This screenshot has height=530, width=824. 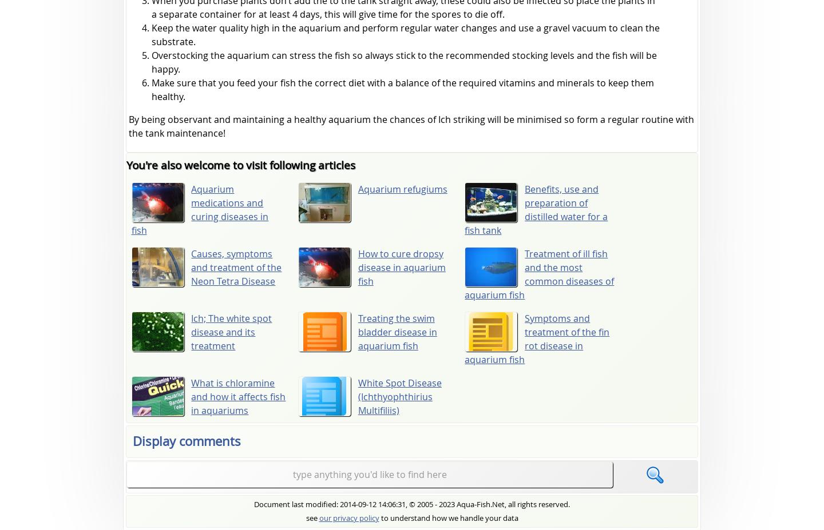 I want to click on 'Overstocking the aquarium can stress the fish so always stick to the recommended stocking levels and the fish will be happy.', so click(x=150, y=62).